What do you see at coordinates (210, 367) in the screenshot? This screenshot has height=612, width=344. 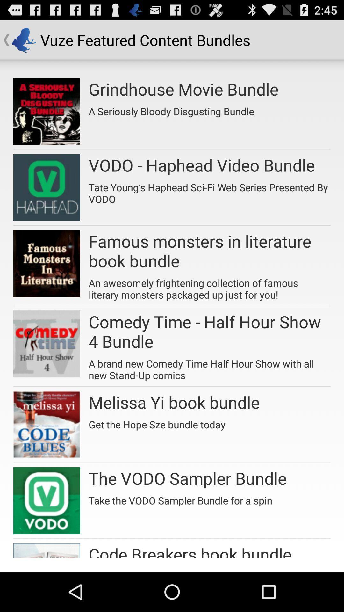 I see `the a brand new icon` at bounding box center [210, 367].